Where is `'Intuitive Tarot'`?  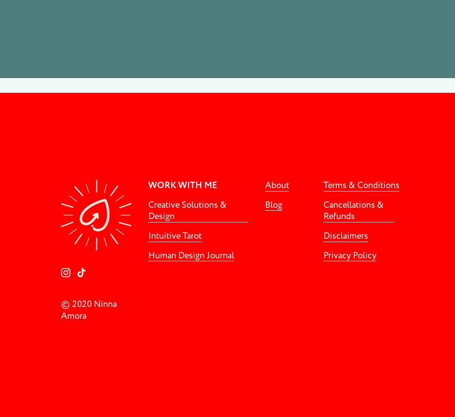
'Intuitive Tarot' is located at coordinates (174, 235).